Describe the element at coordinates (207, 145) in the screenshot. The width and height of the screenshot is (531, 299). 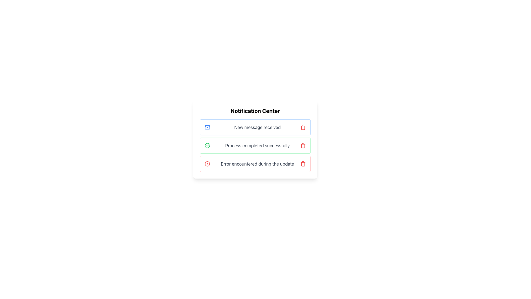
I see `the success indicator icon located on the left part of the second notification item that conveys a successful process completion` at that location.